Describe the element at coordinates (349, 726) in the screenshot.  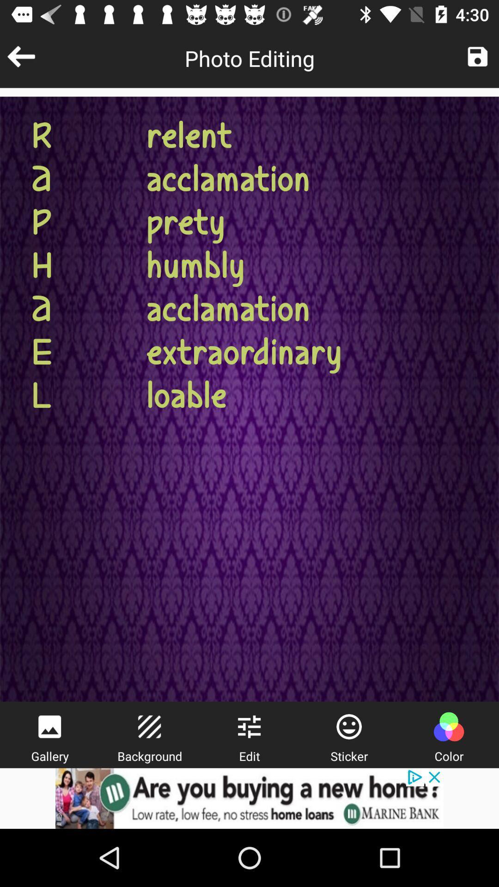
I see `the stricker` at that location.